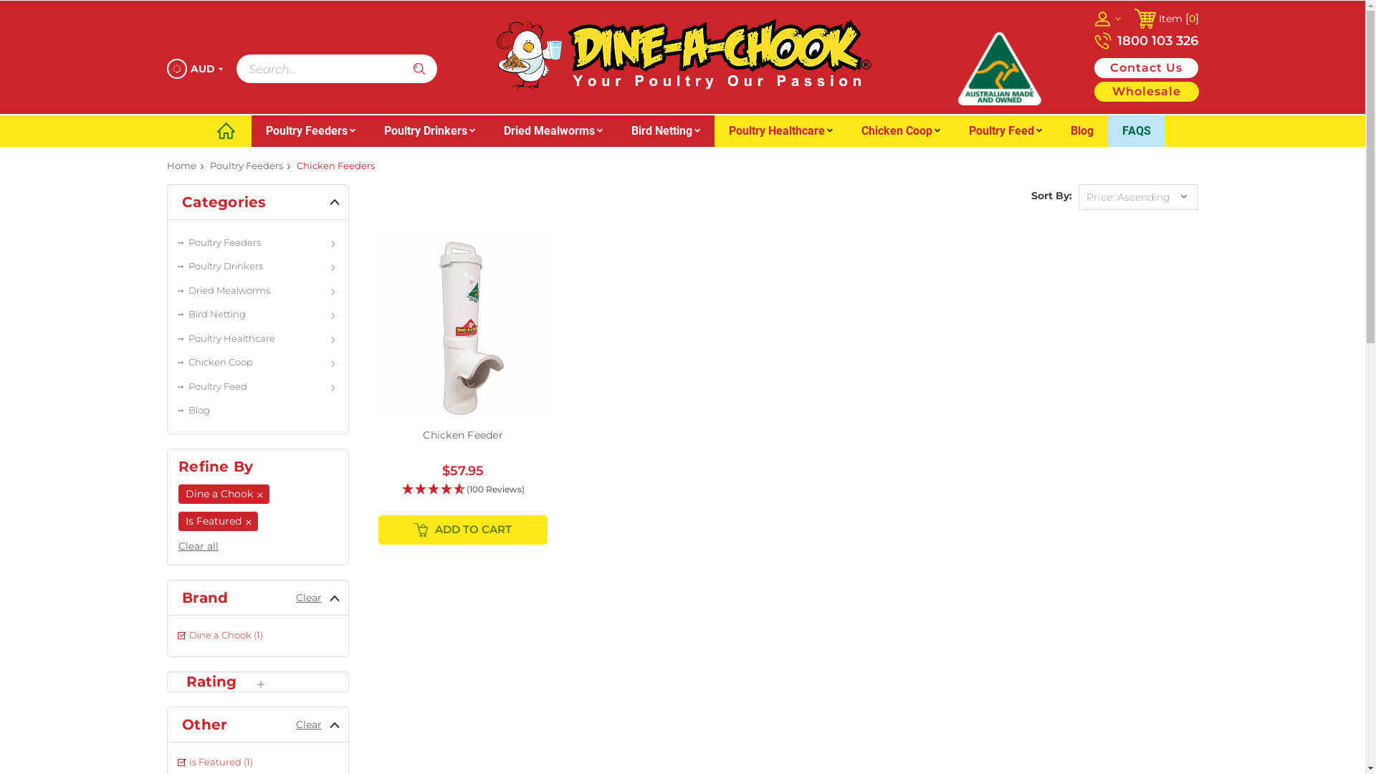 The width and height of the screenshot is (1376, 774). I want to click on 'Dine a Chook (1)', so click(258, 635).